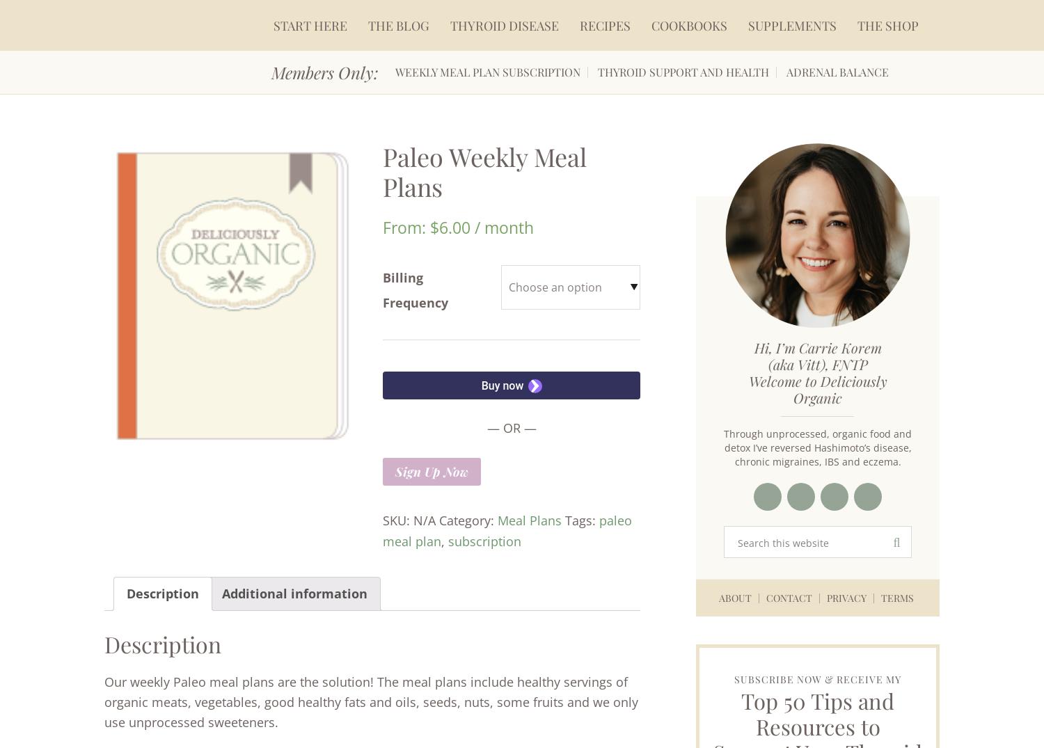 The image size is (1044, 748). Describe the element at coordinates (888, 24) in the screenshot. I see `'The Shop'` at that location.